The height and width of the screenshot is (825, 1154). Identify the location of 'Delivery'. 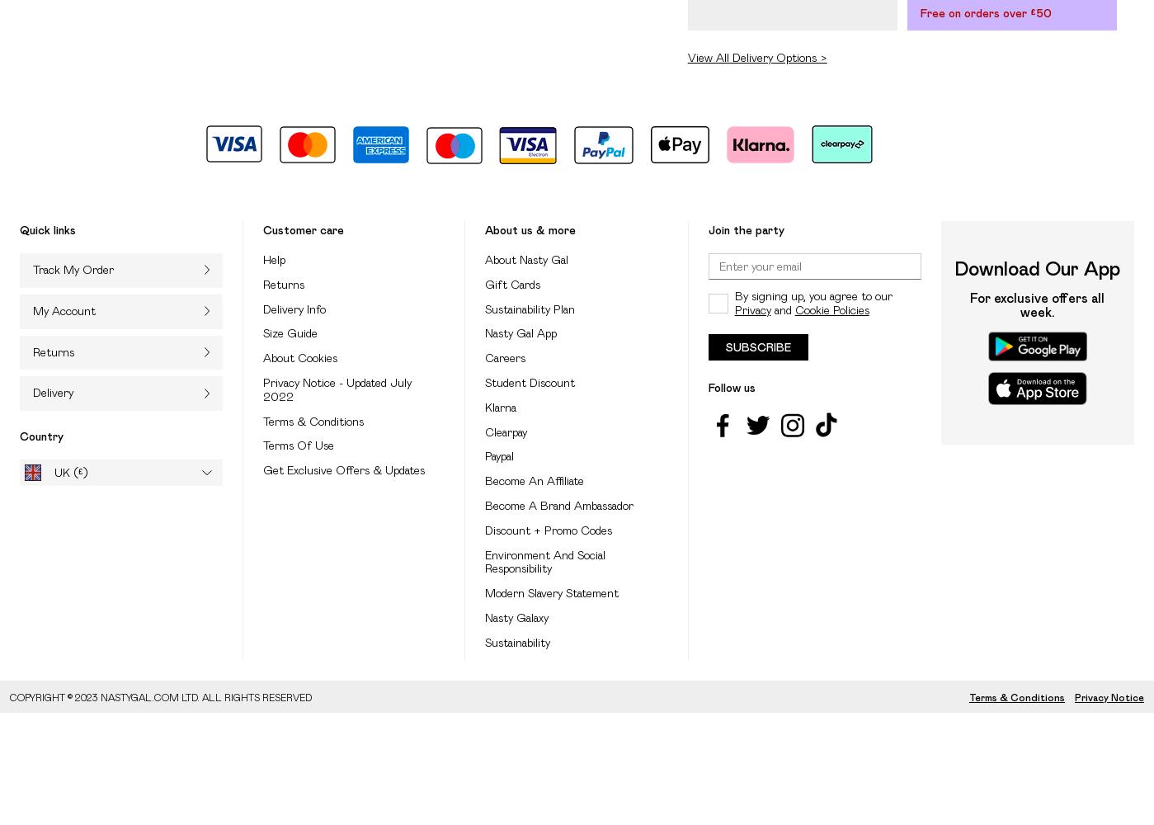
(33, 392).